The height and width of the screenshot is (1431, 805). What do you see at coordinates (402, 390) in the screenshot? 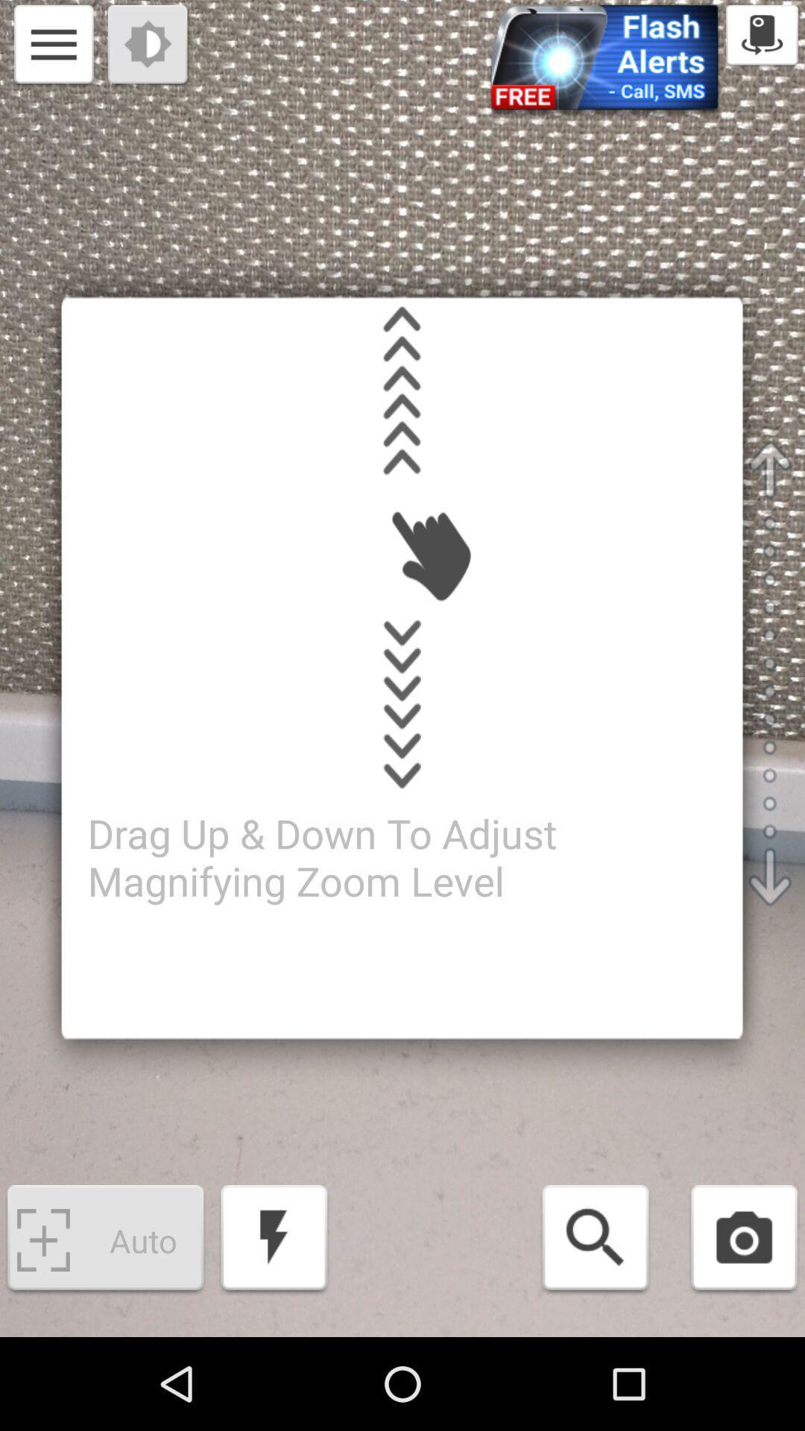
I see `drag up gesture` at bounding box center [402, 390].